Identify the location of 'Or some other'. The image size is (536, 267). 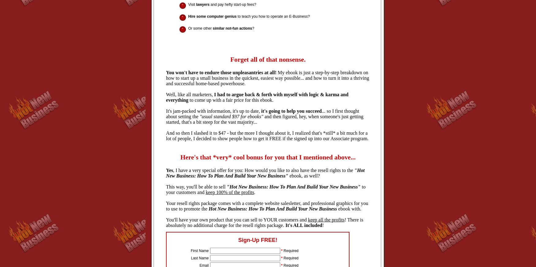
(187, 28).